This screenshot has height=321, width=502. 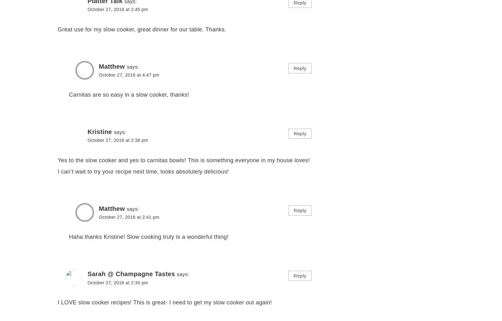 What do you see at coordinates (88, 140) in the screenshot?
I see `'October 27, 2016 at 2:38 pm'` at bounding box center [88, 140].